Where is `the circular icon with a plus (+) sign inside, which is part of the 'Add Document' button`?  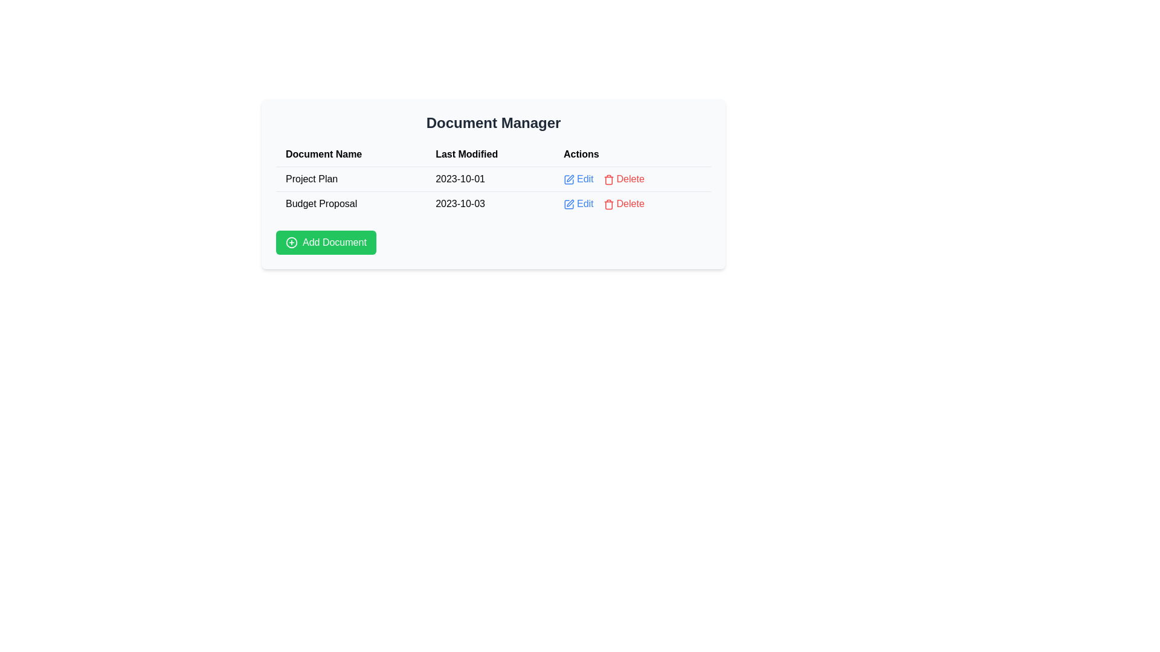
the circular icon with a plus (+) sign inside, which is part of the 'Add Document' button is located at coordinates (292, 242).